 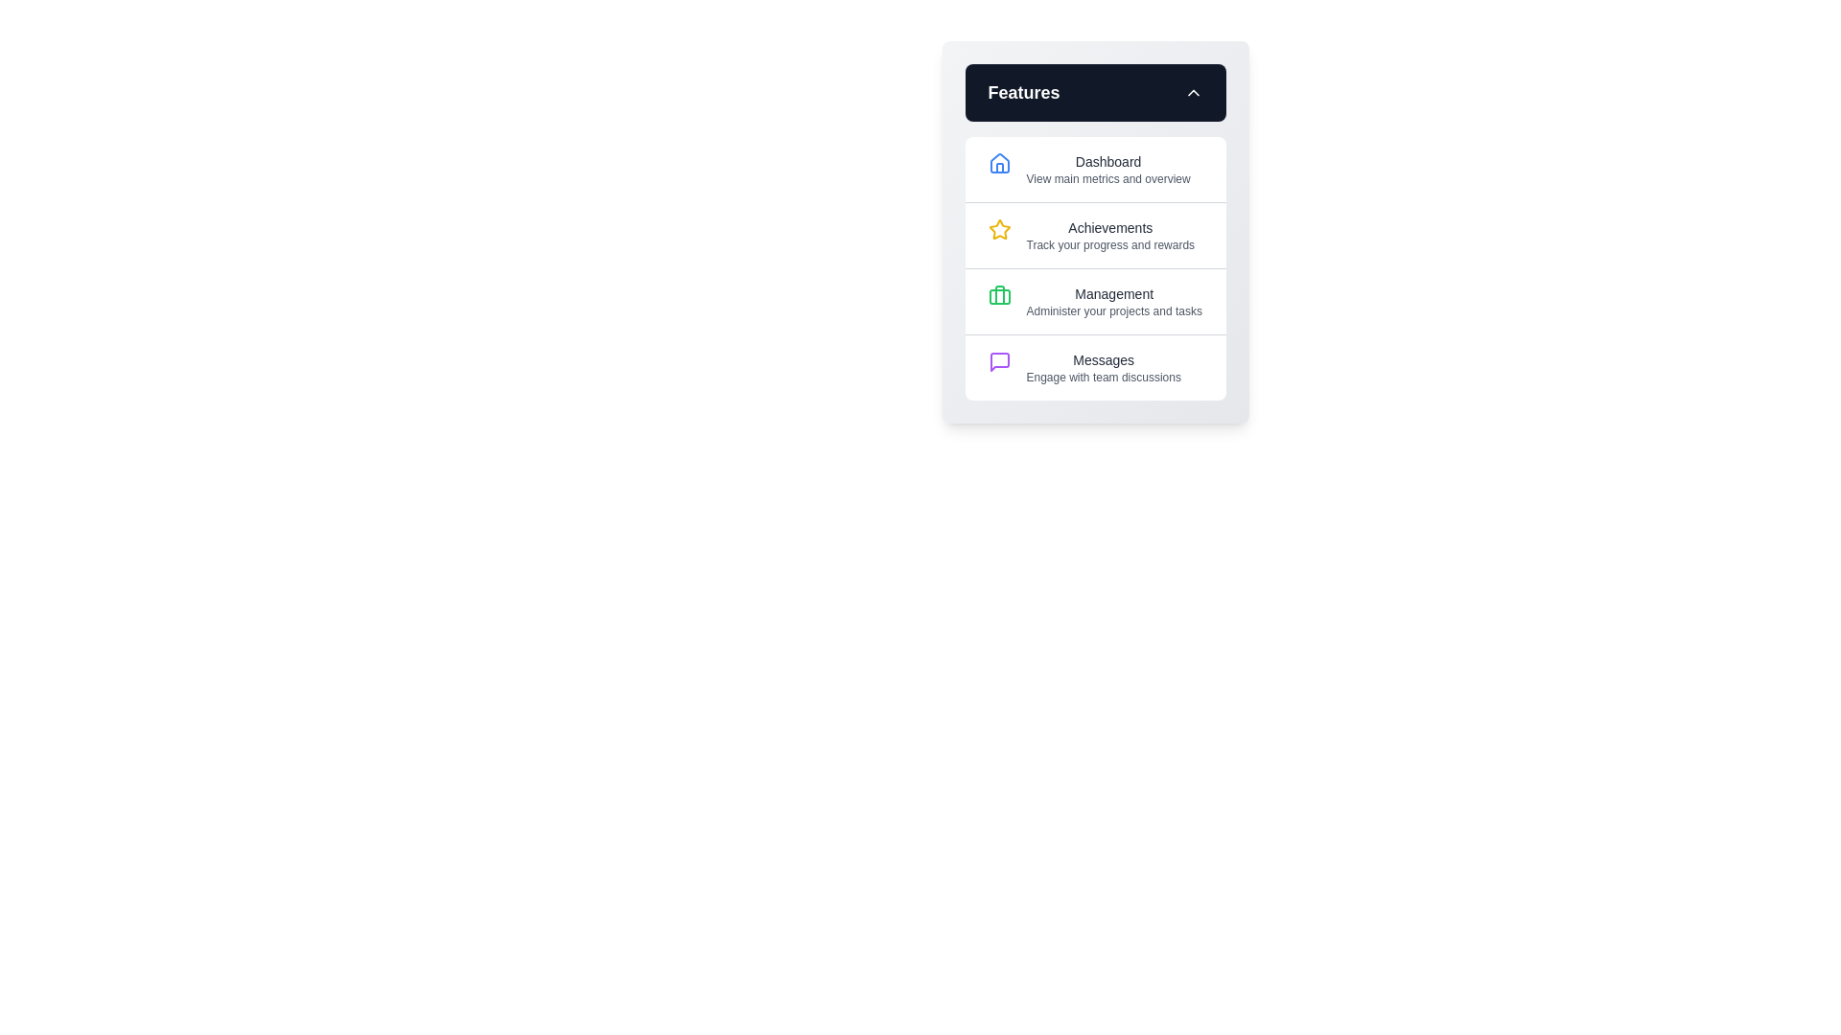 I want to click on the 'Dashboard' icon, which is the leftmost icon in the 'Features' section at the top of the menu, so click(x=998, y=167).